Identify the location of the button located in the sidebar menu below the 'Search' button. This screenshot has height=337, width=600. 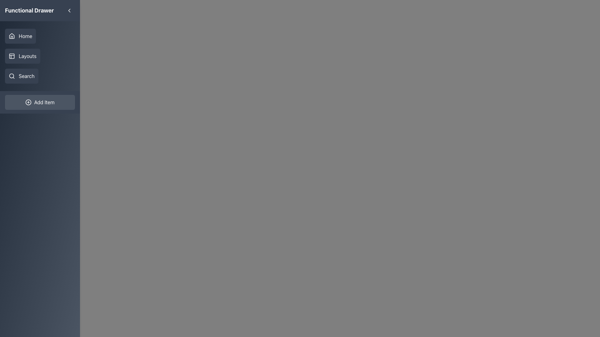
(40, 102).